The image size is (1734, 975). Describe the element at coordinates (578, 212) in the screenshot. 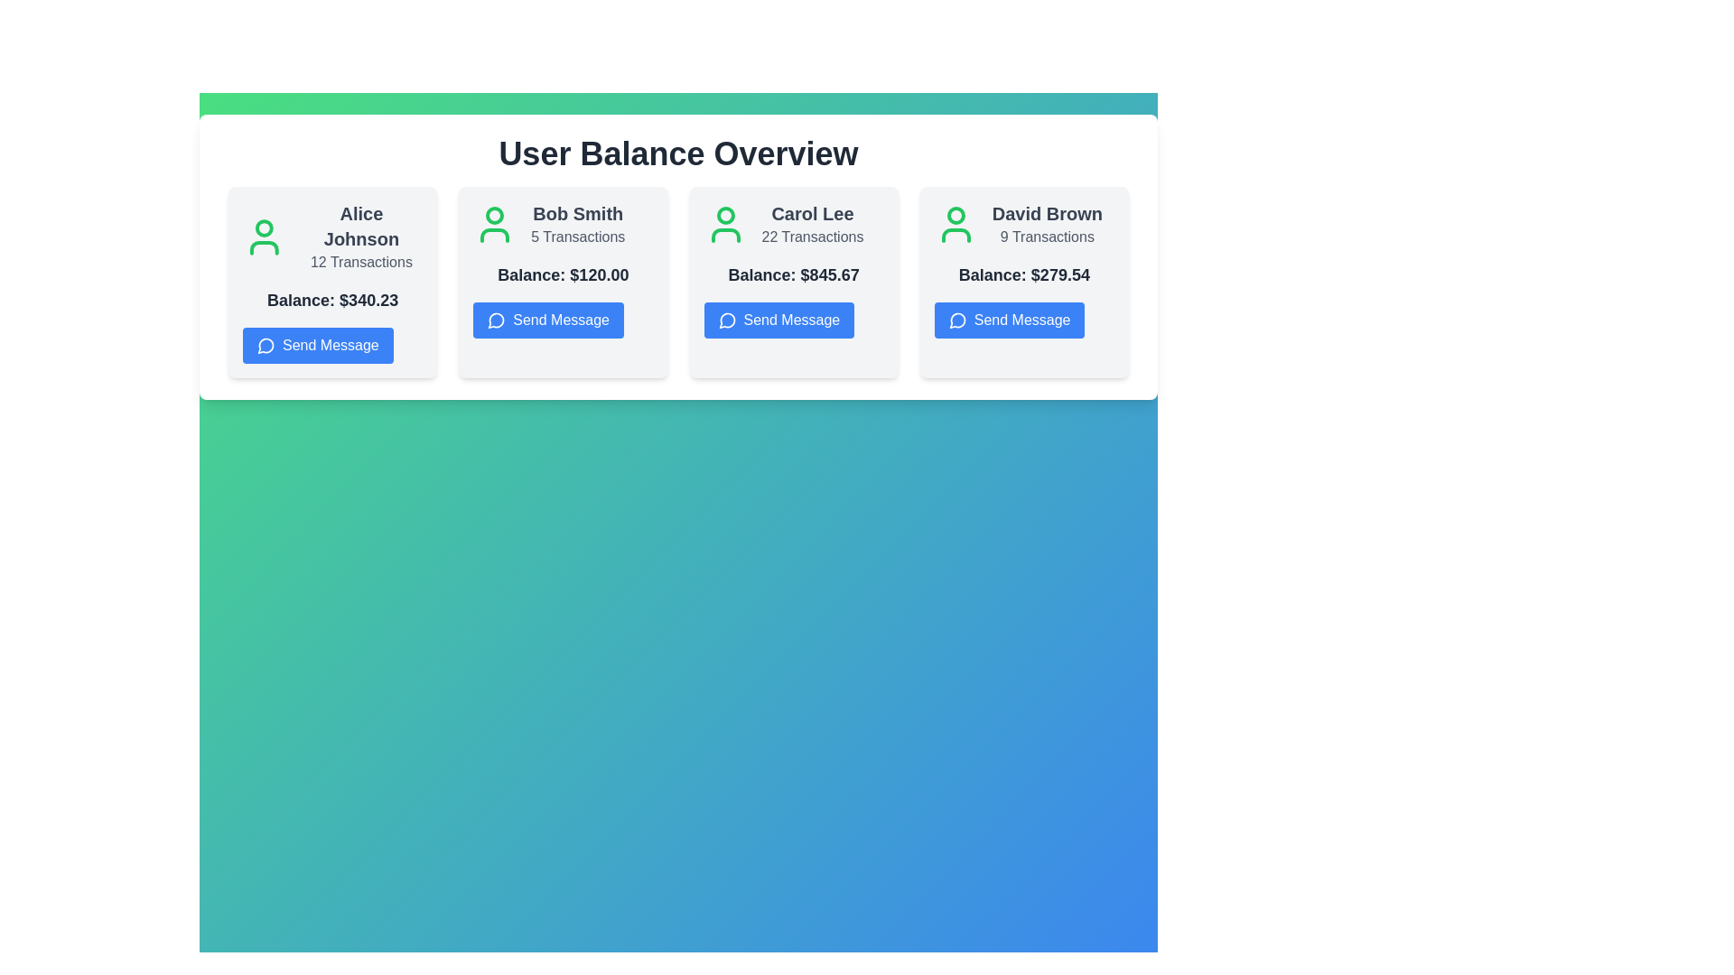

I see `the static text label that presents the user's name, which is located at the top of the second card, above the '5 Transactions' text and 'Balance: $120.00'` at that location.